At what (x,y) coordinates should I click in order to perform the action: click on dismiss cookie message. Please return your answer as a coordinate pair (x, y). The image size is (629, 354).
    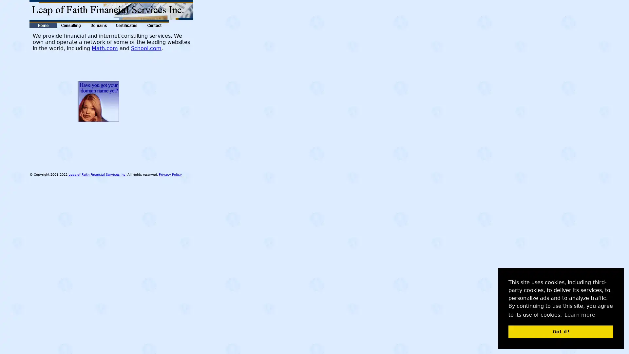
    Looking at the image, I should click on (561, 331).